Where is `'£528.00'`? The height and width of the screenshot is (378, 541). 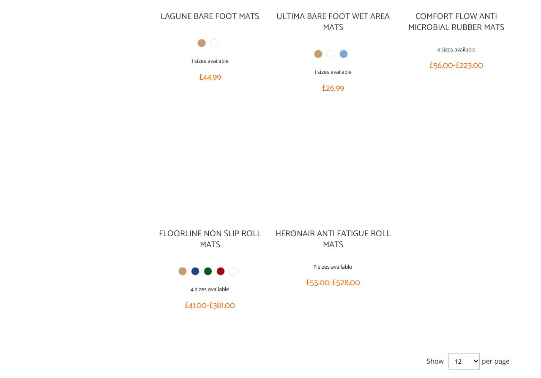 '£528.00' is located at coordinates (331, 283).